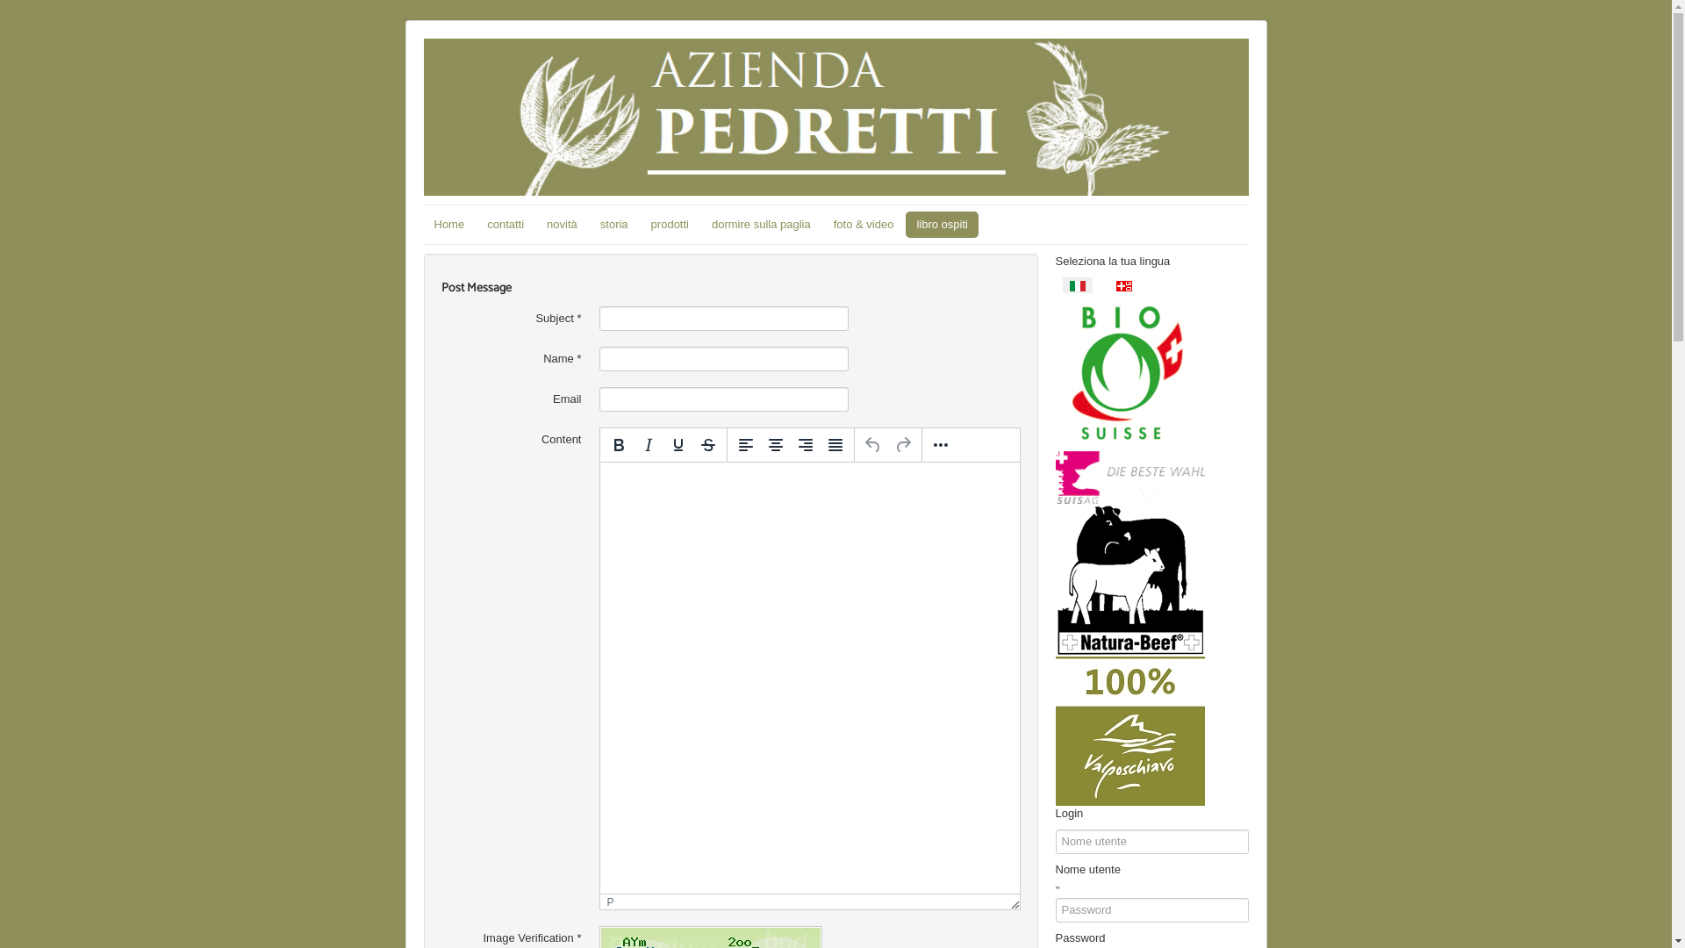 The image size is (1685, 948). I want to click on 'Allinea a Destra', so click(803, 443).